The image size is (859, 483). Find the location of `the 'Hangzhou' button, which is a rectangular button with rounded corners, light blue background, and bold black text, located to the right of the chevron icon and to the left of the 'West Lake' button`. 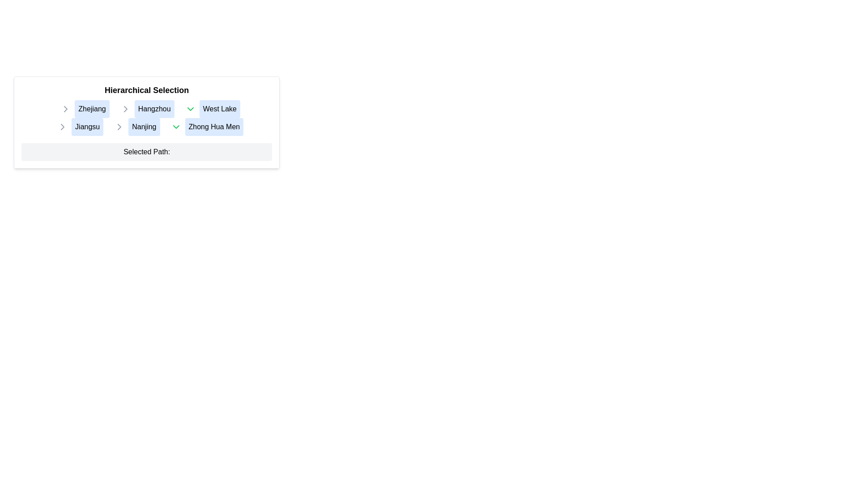

the 'Hangzhou' button, which is a rectangular button with rounded corners, light blue background, and bold black text, located to the right of the chevron icon and to the left of the 'West Lake' button is located at coordinates (154, 108).